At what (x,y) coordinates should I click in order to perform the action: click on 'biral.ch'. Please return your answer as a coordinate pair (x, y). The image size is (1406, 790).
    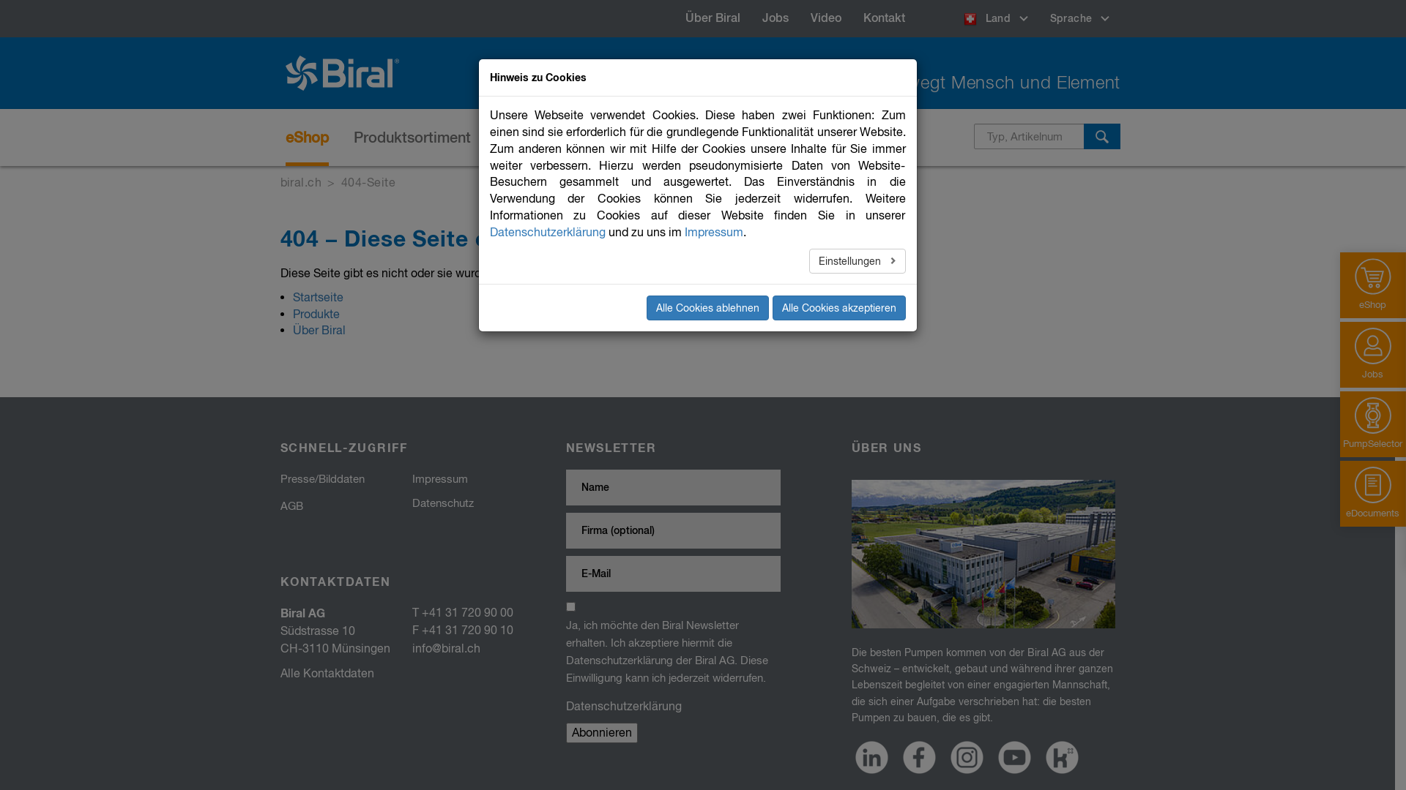
    Looking at the image, I should click on (300, 181).